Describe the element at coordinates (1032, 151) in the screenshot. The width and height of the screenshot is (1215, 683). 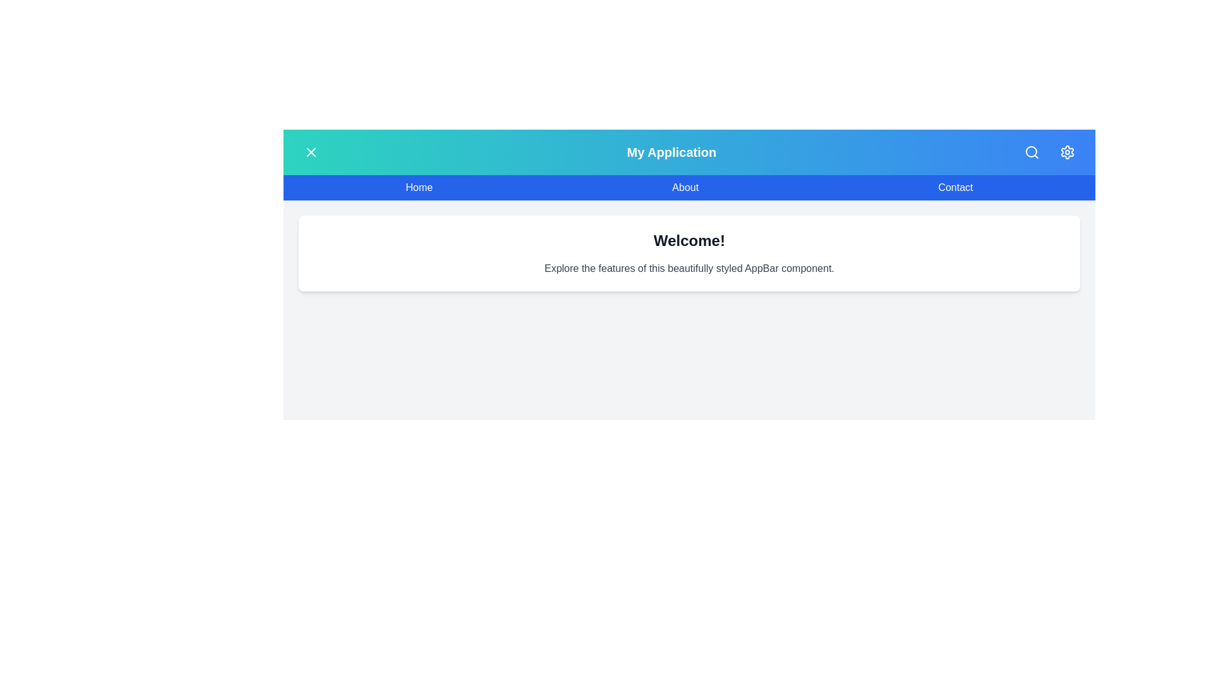
I see `the search icon button to initiate a search` at that location.